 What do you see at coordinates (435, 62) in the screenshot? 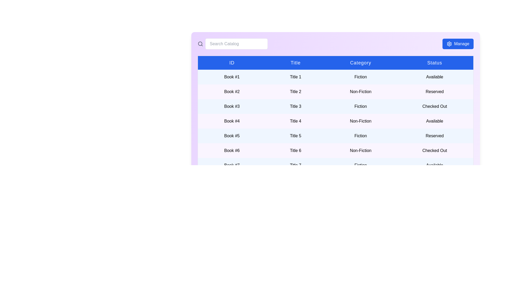
I see `the column header to sort the table by Status` at bounding box center [435, 62].